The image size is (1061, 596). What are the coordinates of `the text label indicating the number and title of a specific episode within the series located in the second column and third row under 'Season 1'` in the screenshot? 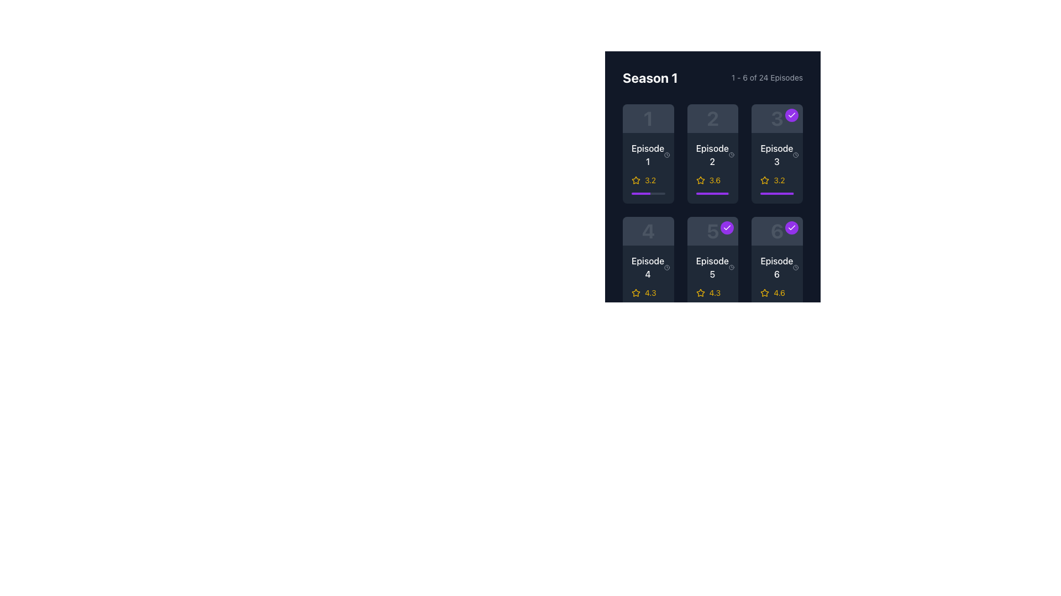 It's located at (712, 268).